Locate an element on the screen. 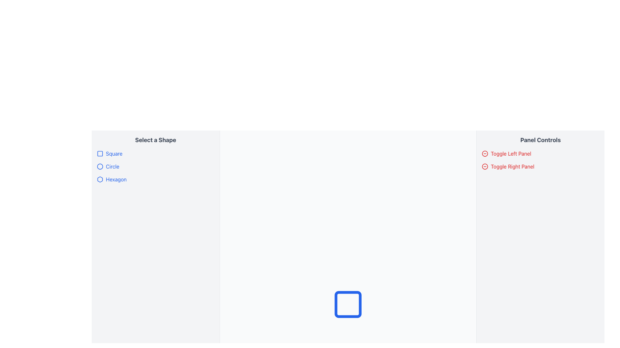 The height and width of the screenshot is (348, 620). the Text label that describes an action or state toggle for the user interface panel, located at the bottom of two labeled controls in the top-right section of the interface is located at coordinates (512, 166).